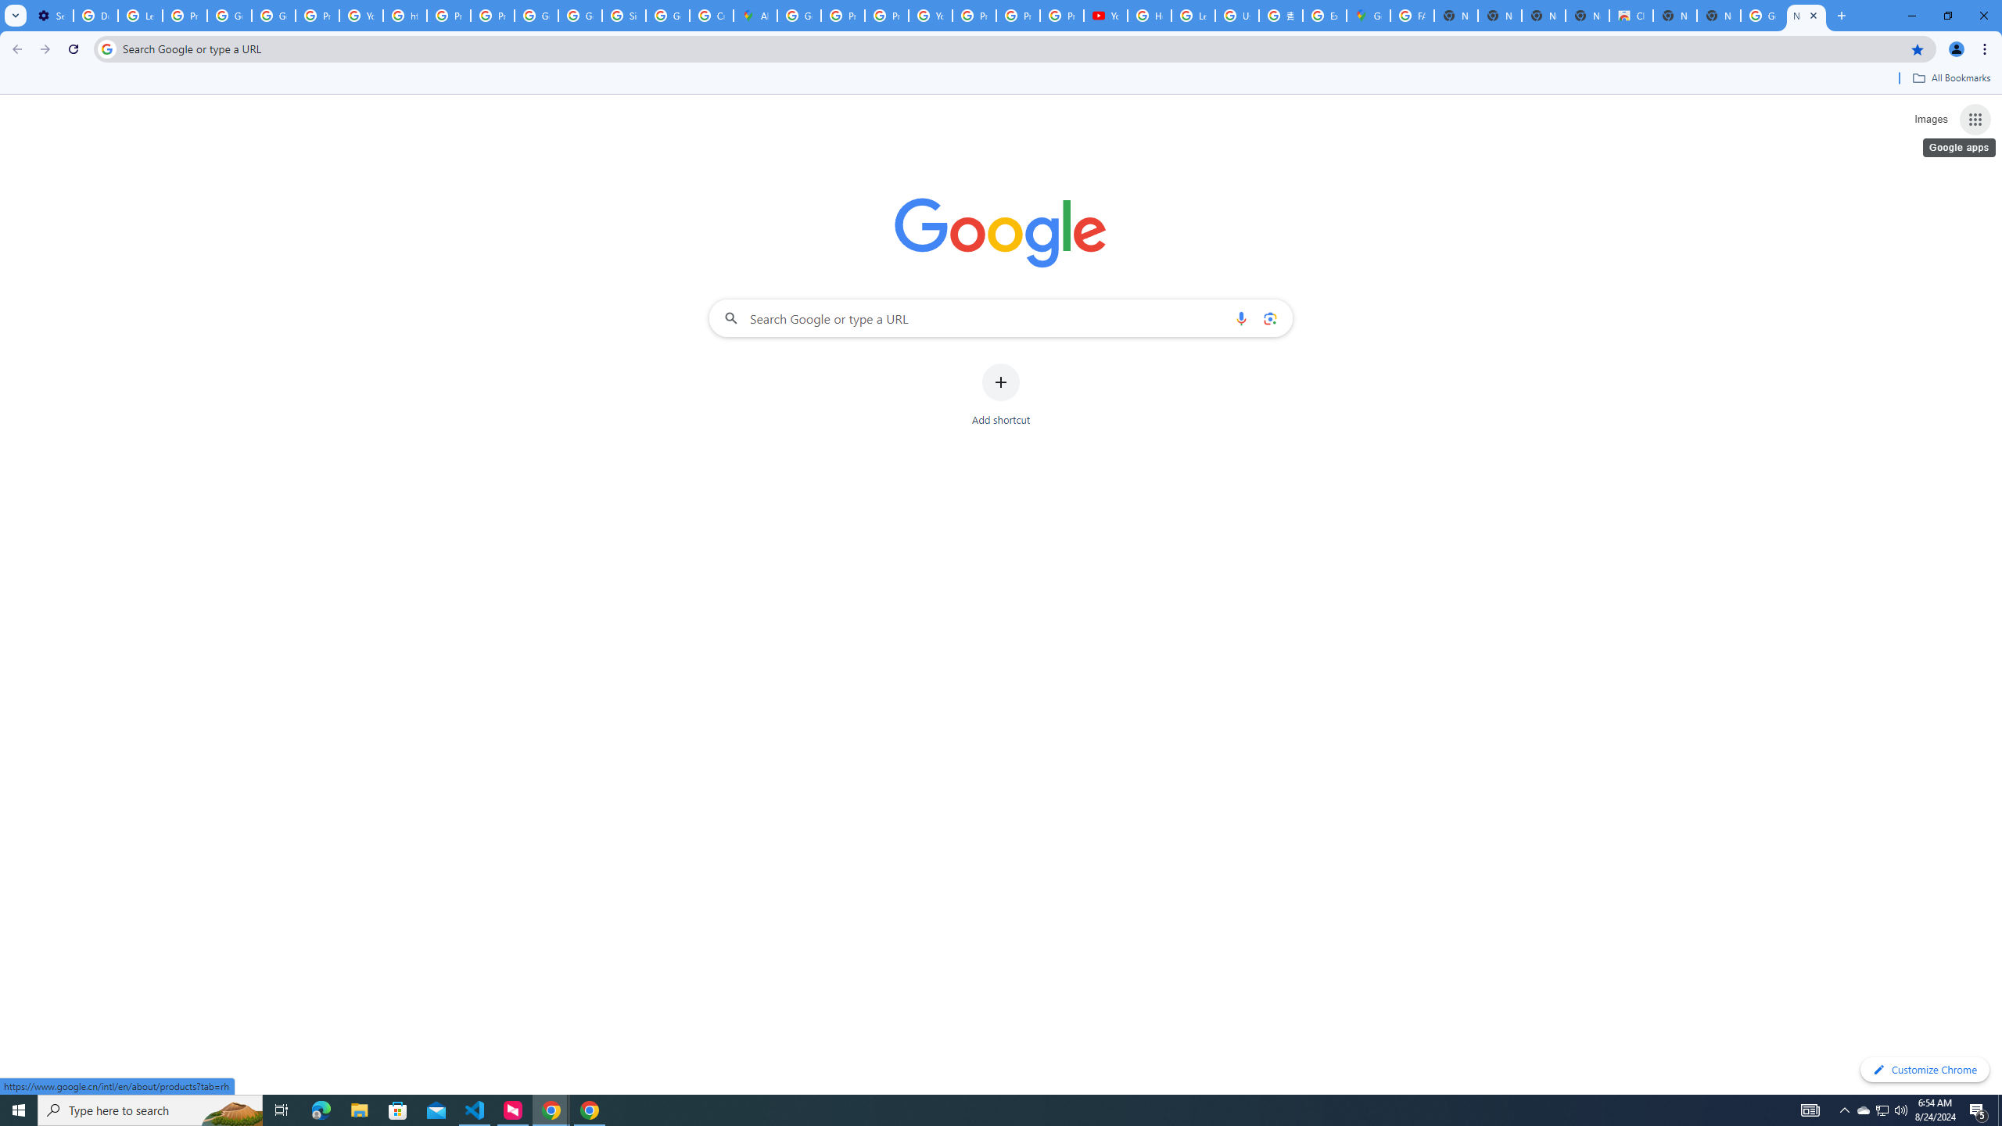  Describe the element at coordinates (1806, 15) in the screenshot. I see `'New Tab'` at that location.